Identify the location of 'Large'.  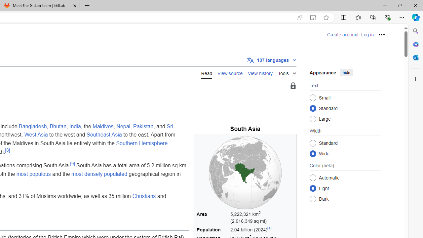
(313, 118).